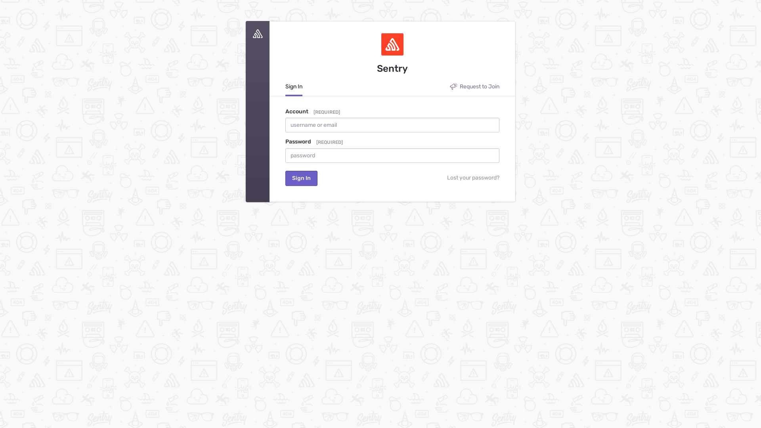 This screenshot has width=761, height=428. I want to click on 'Sign In', so click(301, 178).